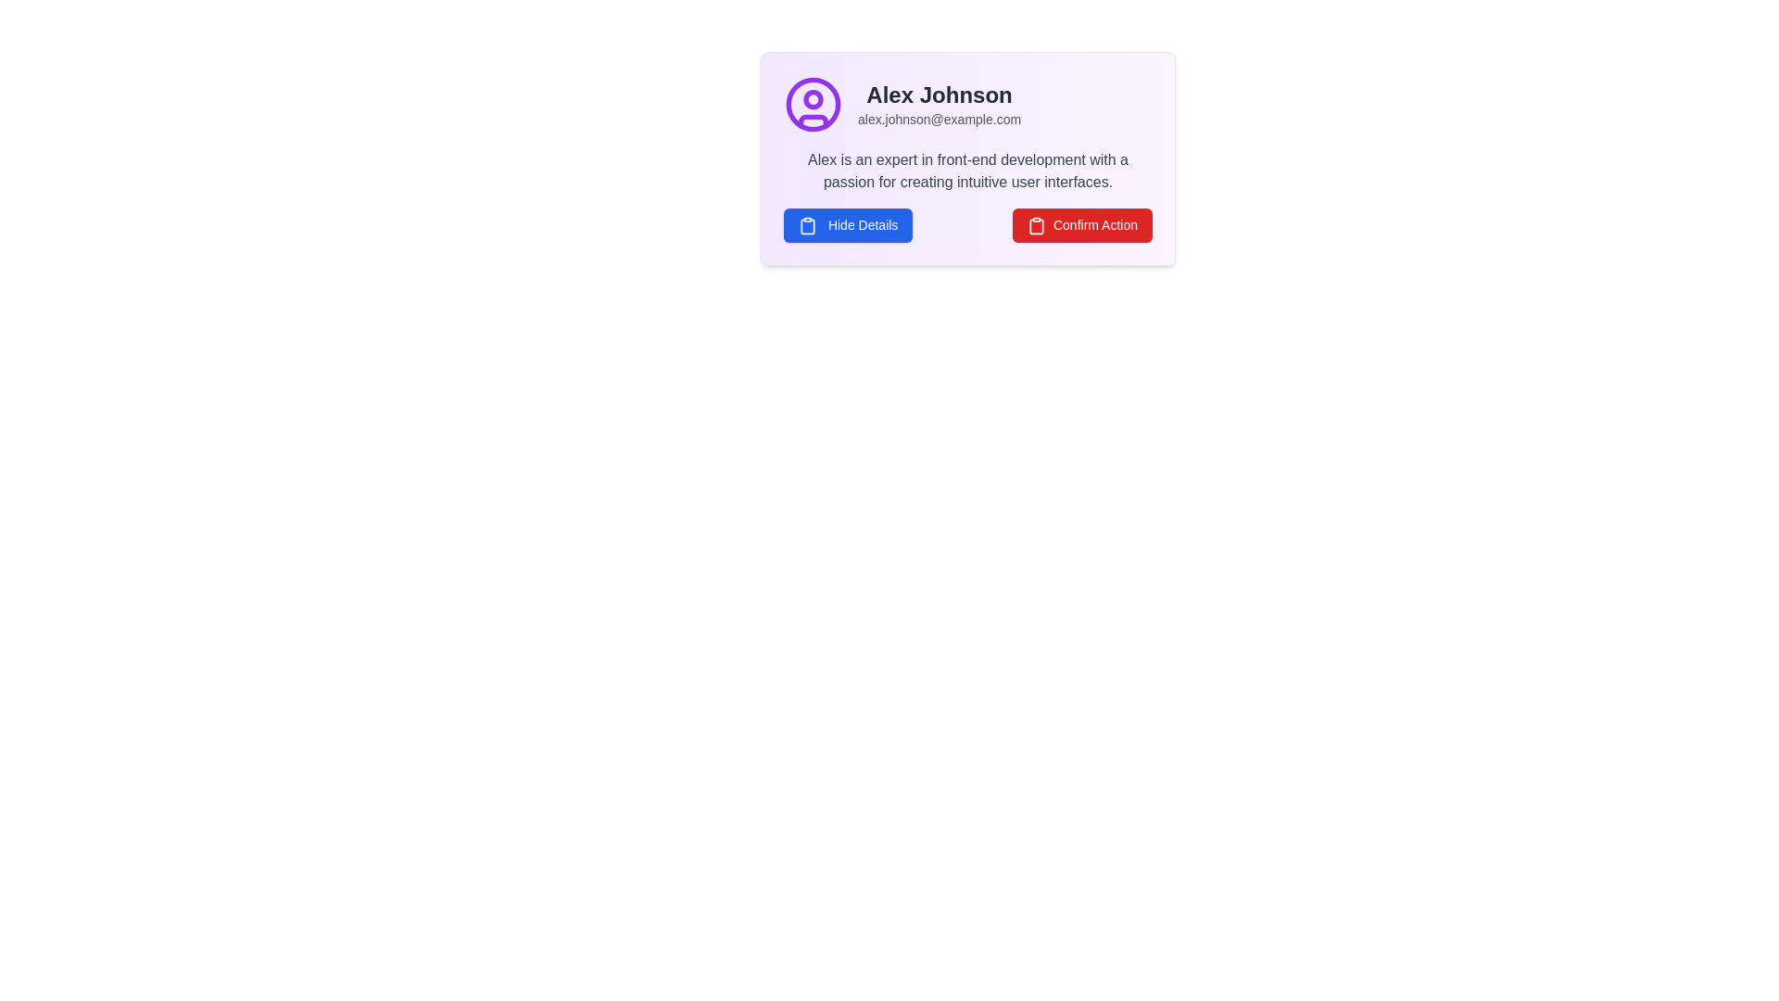 Image resolution: width=1779 pixels, height=1001 pixels. I want to click on the circular user profile icon with a purple outline and user silhouette located to the left of the name 'Alex Johnson' and email 'alex.johnson@example.com', so click(814, 104).